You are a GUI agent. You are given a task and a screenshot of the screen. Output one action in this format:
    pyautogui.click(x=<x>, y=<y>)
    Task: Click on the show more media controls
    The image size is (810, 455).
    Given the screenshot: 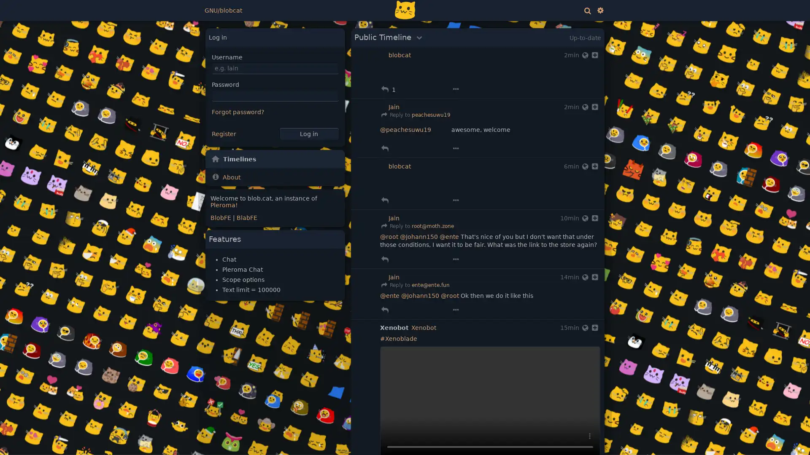 What is the action you would take?
    pyautogui.click(x=589, y=435)
    